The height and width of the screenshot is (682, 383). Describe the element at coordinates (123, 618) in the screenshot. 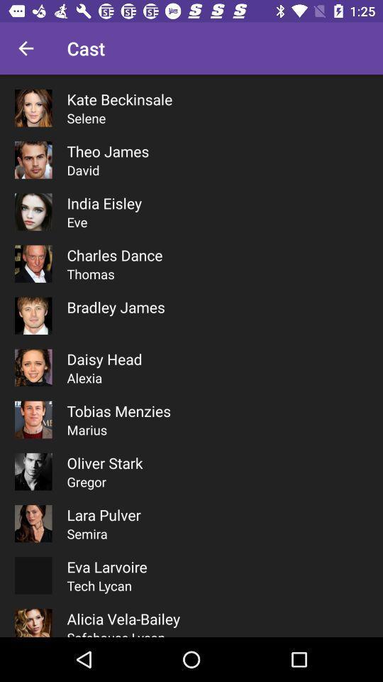

I see `the item above safehouse lycan` at that location.